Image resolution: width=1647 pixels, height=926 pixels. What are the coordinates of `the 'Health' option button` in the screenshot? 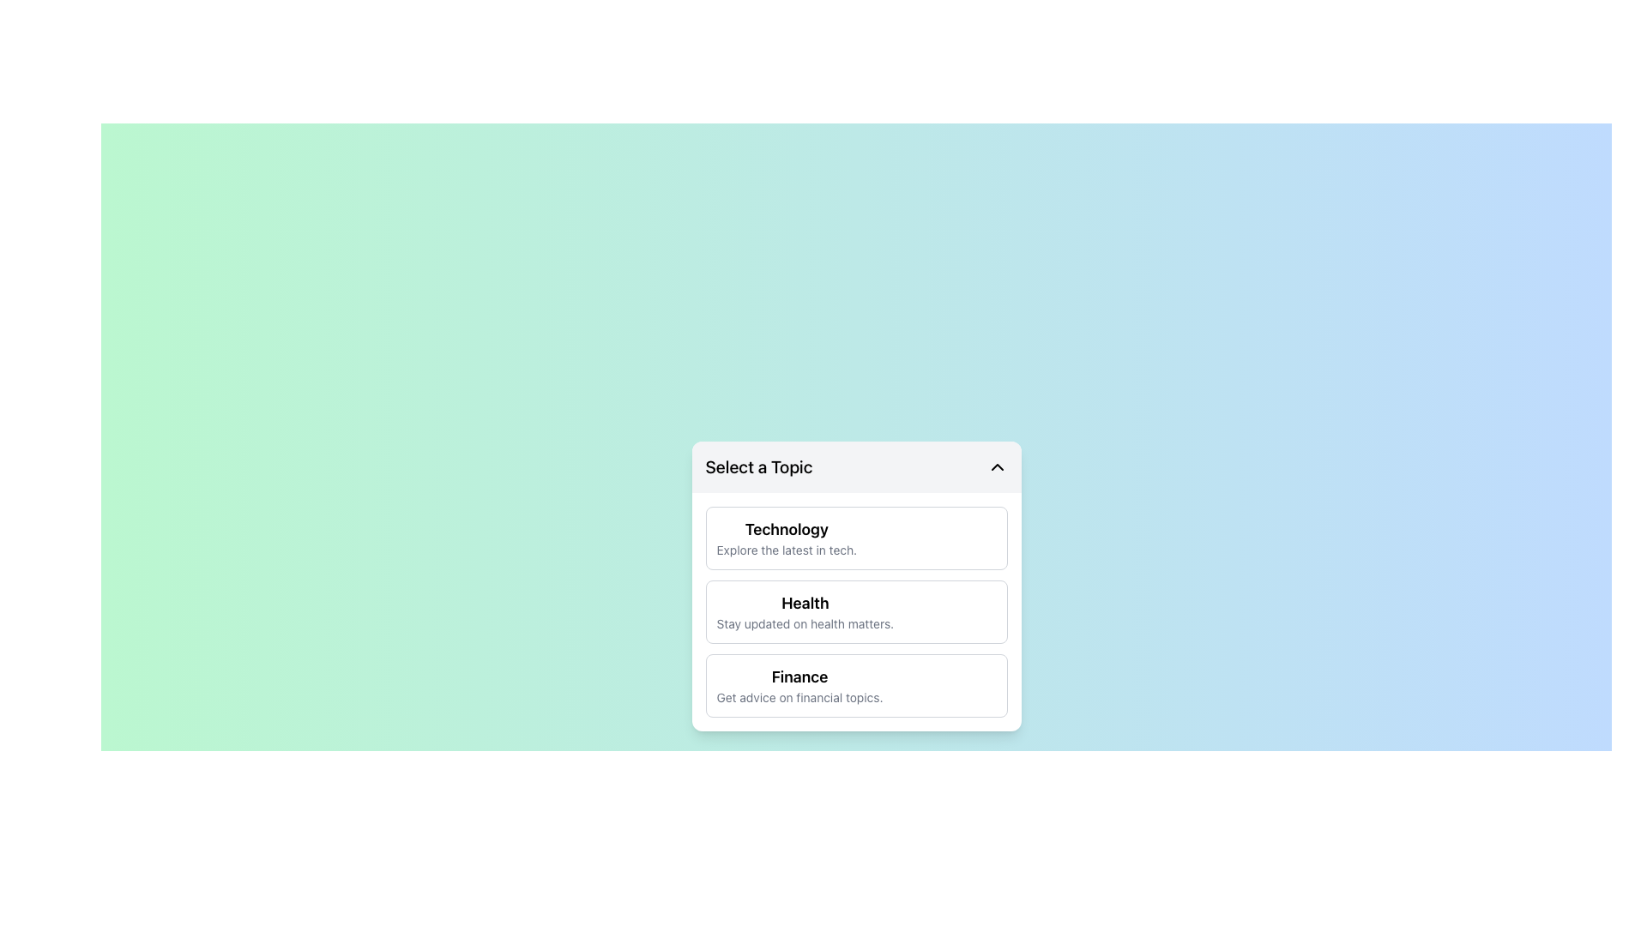 It's located at (856, 610).